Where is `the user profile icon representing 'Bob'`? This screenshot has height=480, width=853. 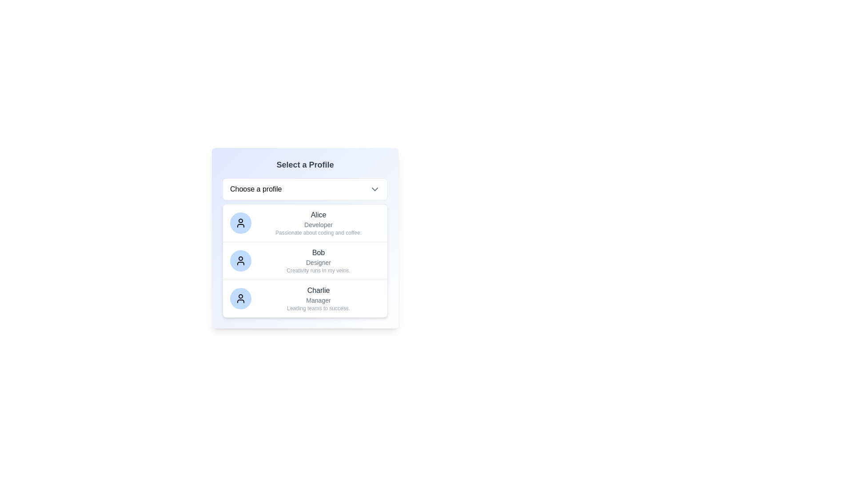 the user profile icon representing 'Bob' is located at coordinates (241, 260).